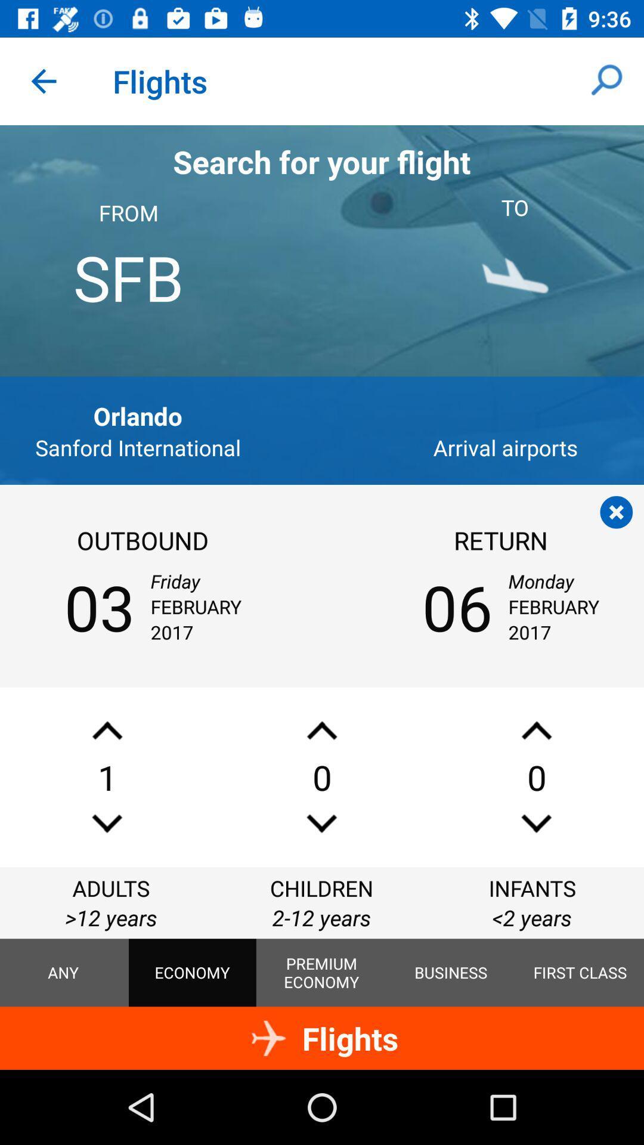 The image size is (644, 1145). Describe the element at coordinates (321, 973) in the screenshot. I see `the icon next to economy item` at that location.